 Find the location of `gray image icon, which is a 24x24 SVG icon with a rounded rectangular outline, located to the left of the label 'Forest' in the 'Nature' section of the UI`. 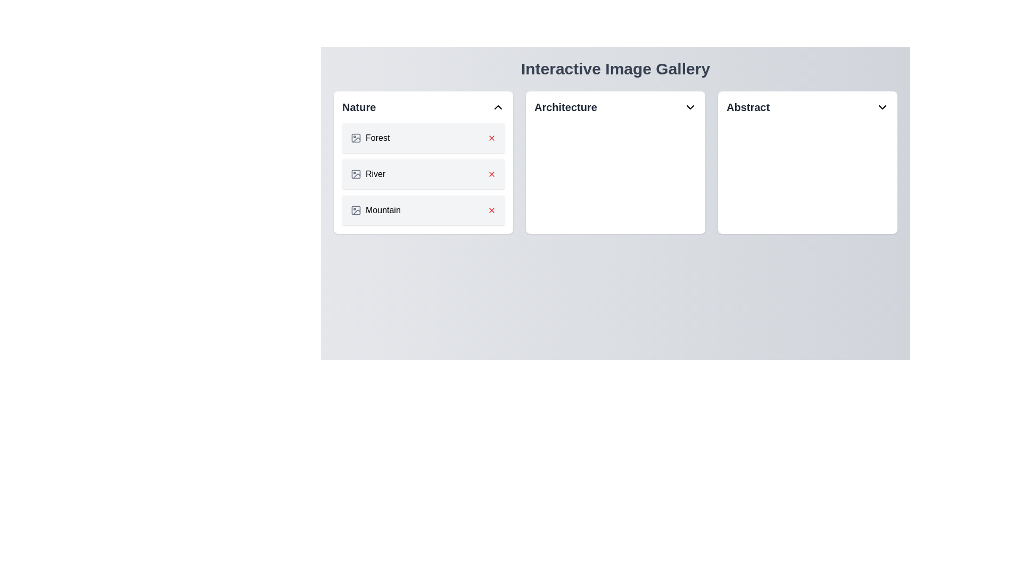

gray image icon, which is a 24x24 SVG icon with a rounded rectangular outline, located to the left of the label 'Forest' in the 'Nature' section of the UI is located at coordinates (356, 137).